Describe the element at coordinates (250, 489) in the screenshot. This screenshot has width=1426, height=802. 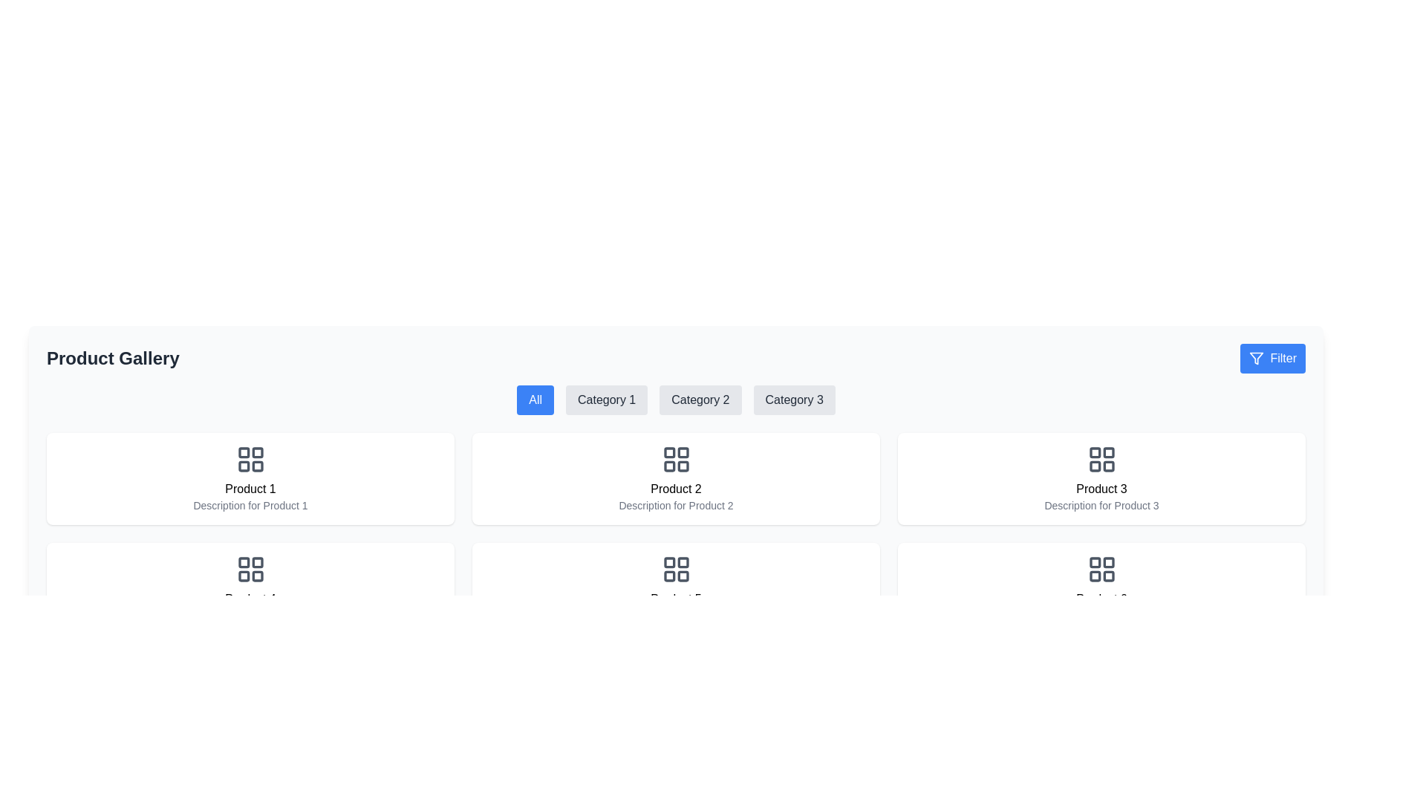
I see `the text label displaying 'Product 1', which is positioned above the description text within the product card layout` at that location.